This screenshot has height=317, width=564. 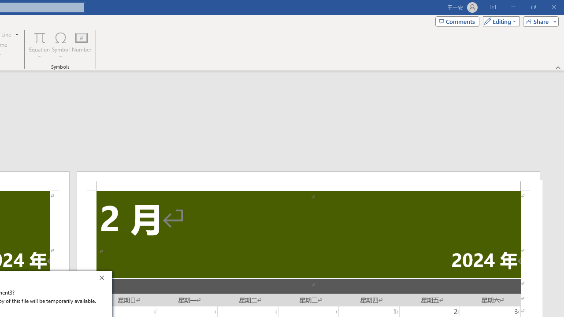 What do you see at coordinates (104, 279) in the screenshot?
I see `'Close'` at bounding box center [104, 279].